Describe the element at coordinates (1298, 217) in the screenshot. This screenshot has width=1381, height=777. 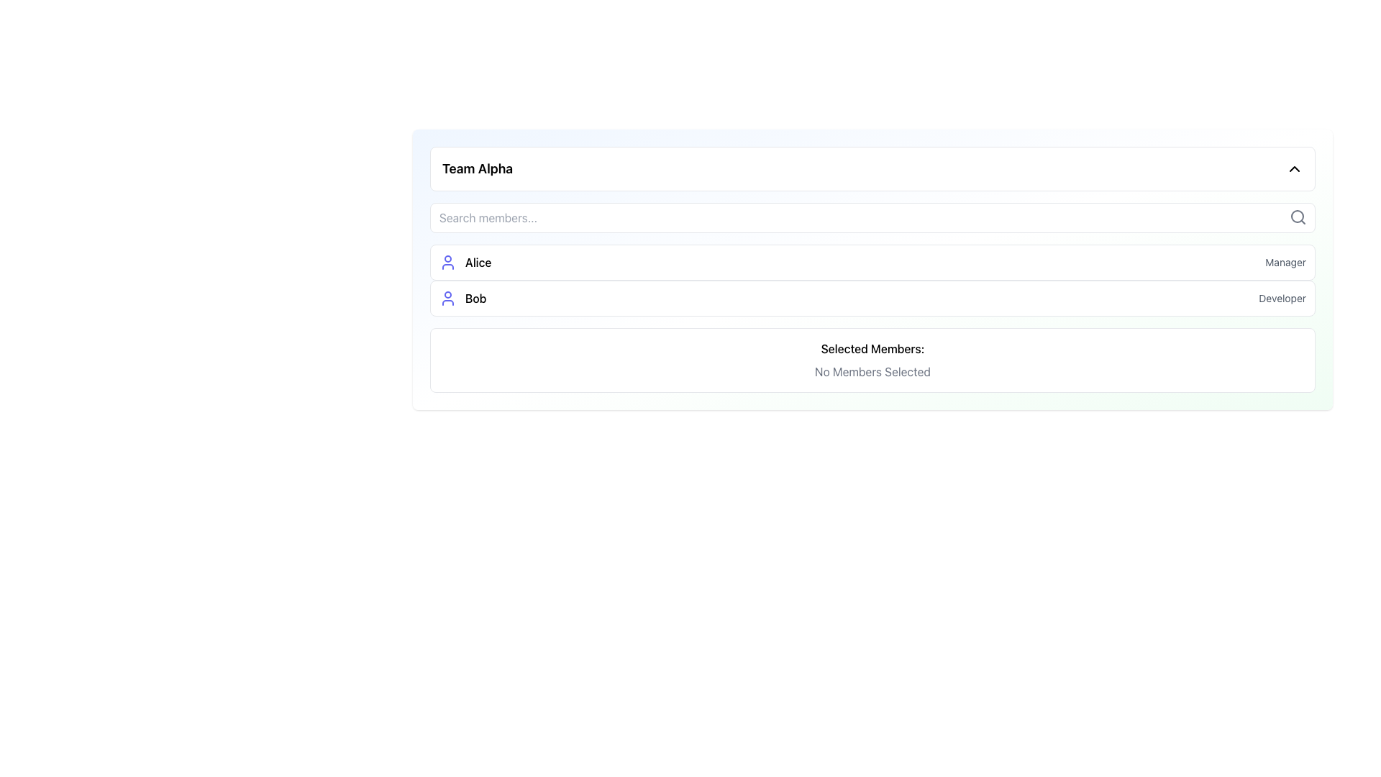
I see `the search icon resembling a magnifying glass located at the far-right end of the 'Search members...' input field` at that location.